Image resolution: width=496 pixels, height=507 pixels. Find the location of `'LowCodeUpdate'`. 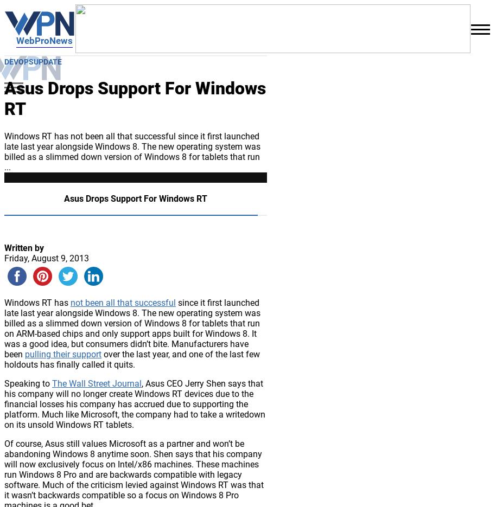

'LowCodeUpdate' is located at coordinates (79, 202).